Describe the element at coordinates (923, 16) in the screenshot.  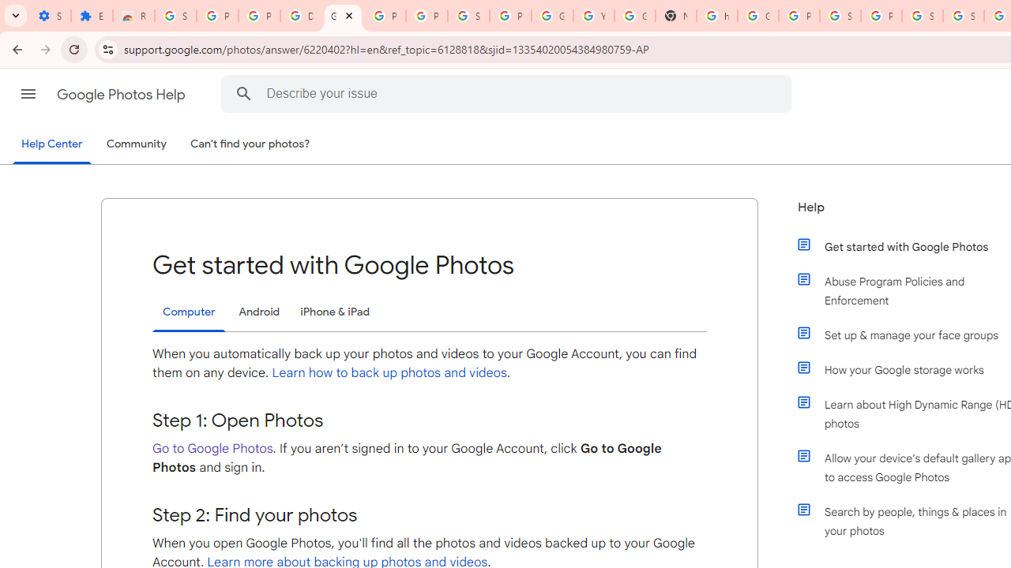
I see `'Sign in - Google Accounts'` at that location.